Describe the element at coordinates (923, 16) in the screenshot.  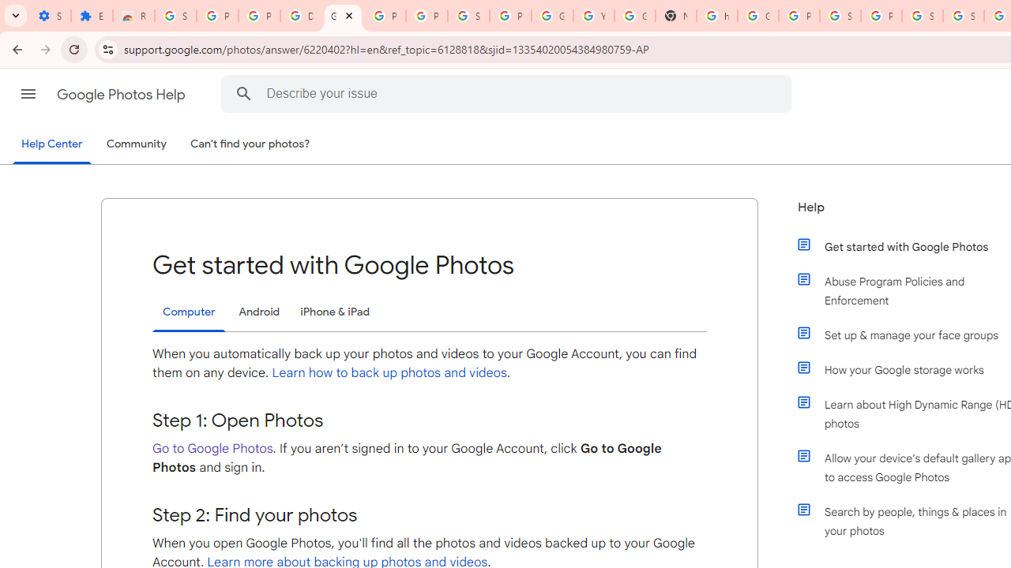
I see `'Sign in - Google Accounts'` at that location.